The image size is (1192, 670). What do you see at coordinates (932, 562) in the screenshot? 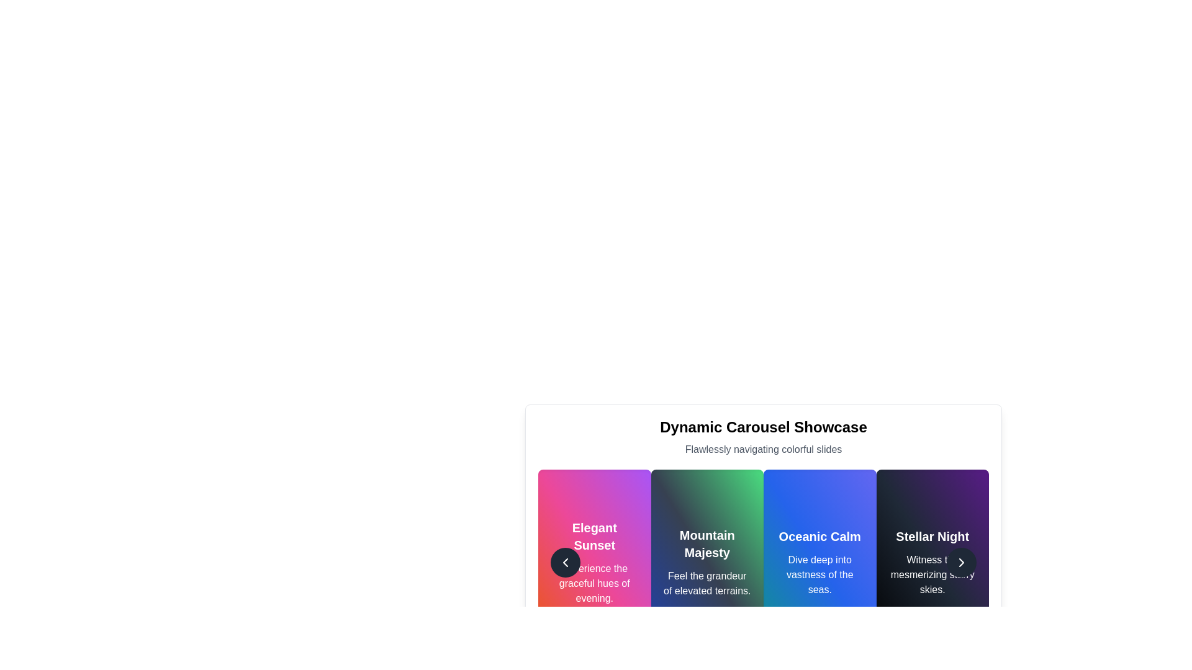
I see `the informational widget card displaying content about starry skies, which is the fourth item in the carousel, positioned at the far-right end` at bounding box center [932, 562].